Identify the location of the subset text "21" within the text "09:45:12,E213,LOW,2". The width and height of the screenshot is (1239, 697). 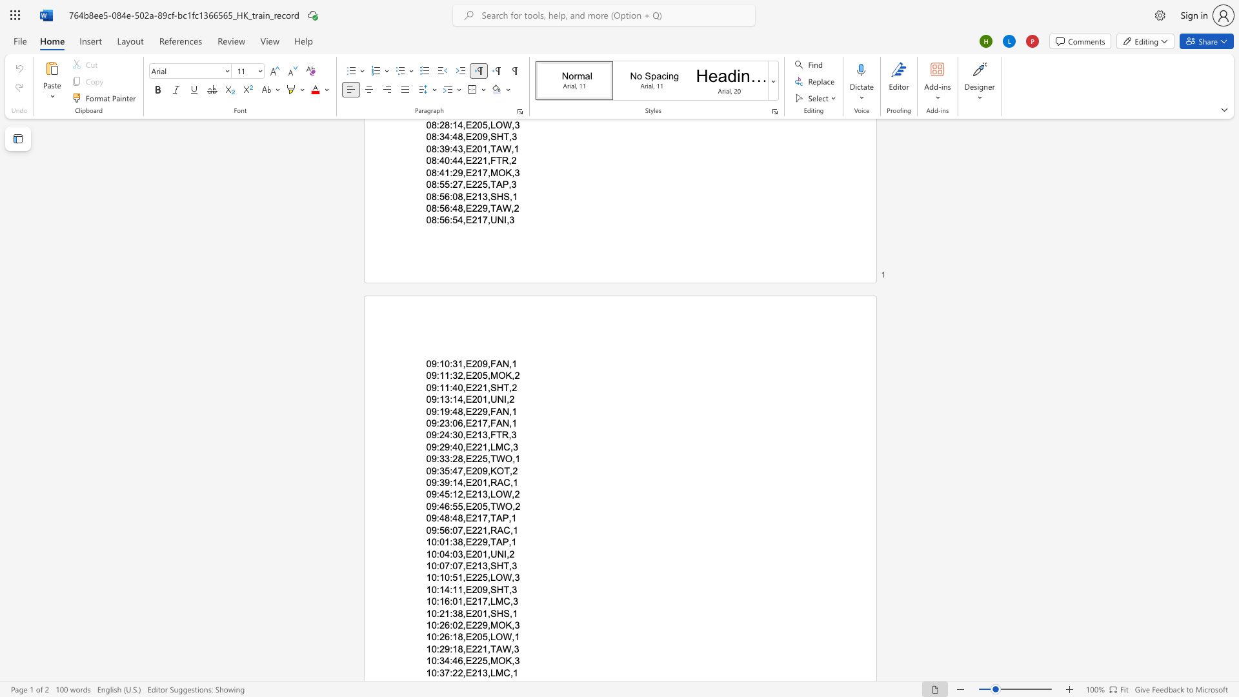
(471, 494).